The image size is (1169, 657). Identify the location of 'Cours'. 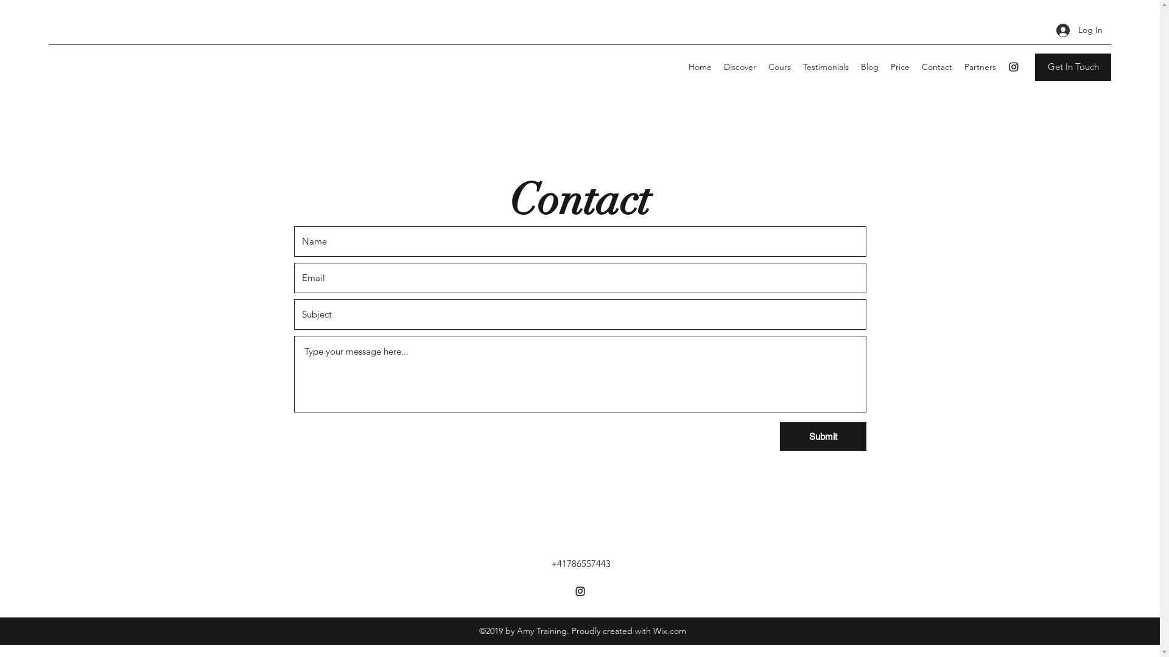
(779, 67).